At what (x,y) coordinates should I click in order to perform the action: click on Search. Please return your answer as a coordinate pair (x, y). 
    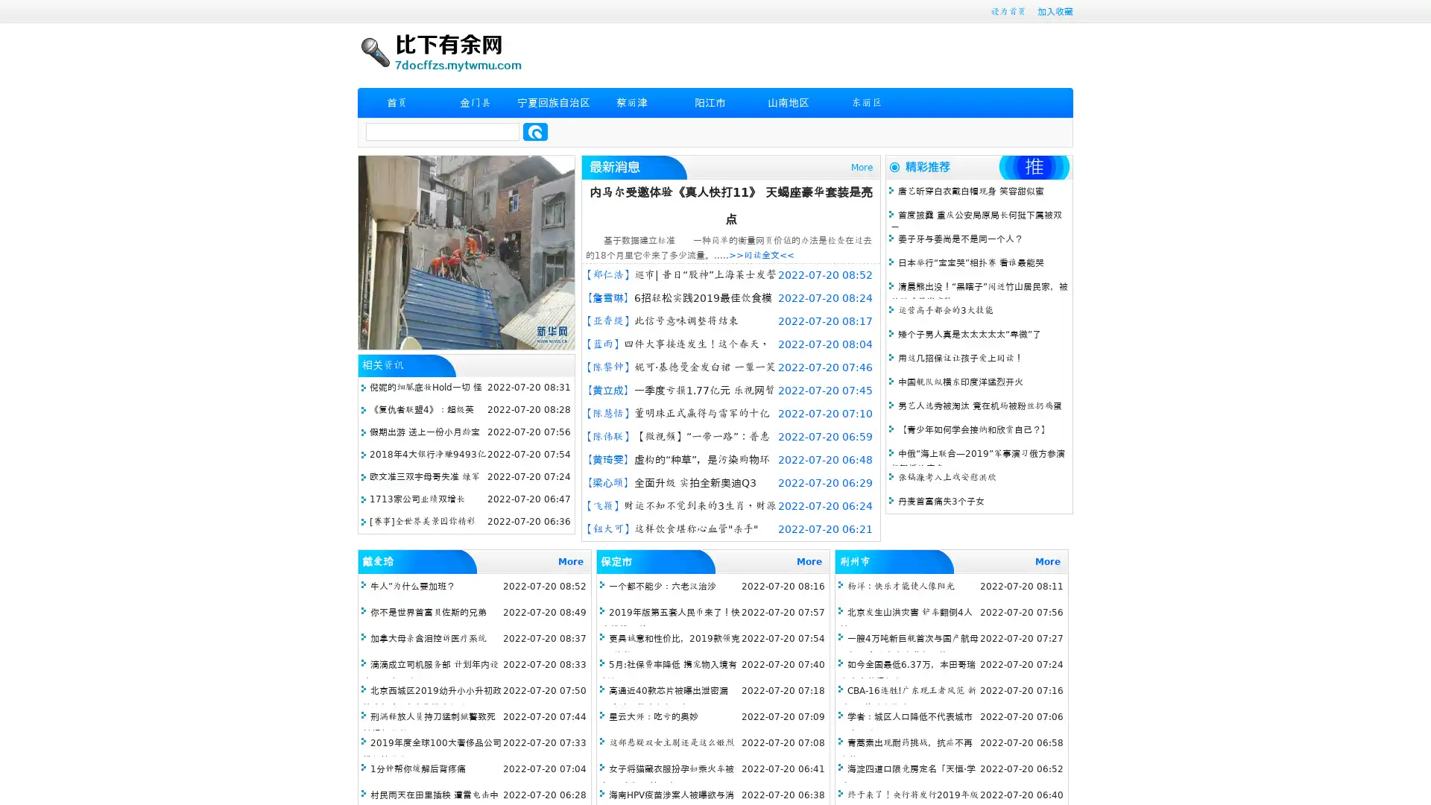
    Looking at the image, I should click on (535, 131).